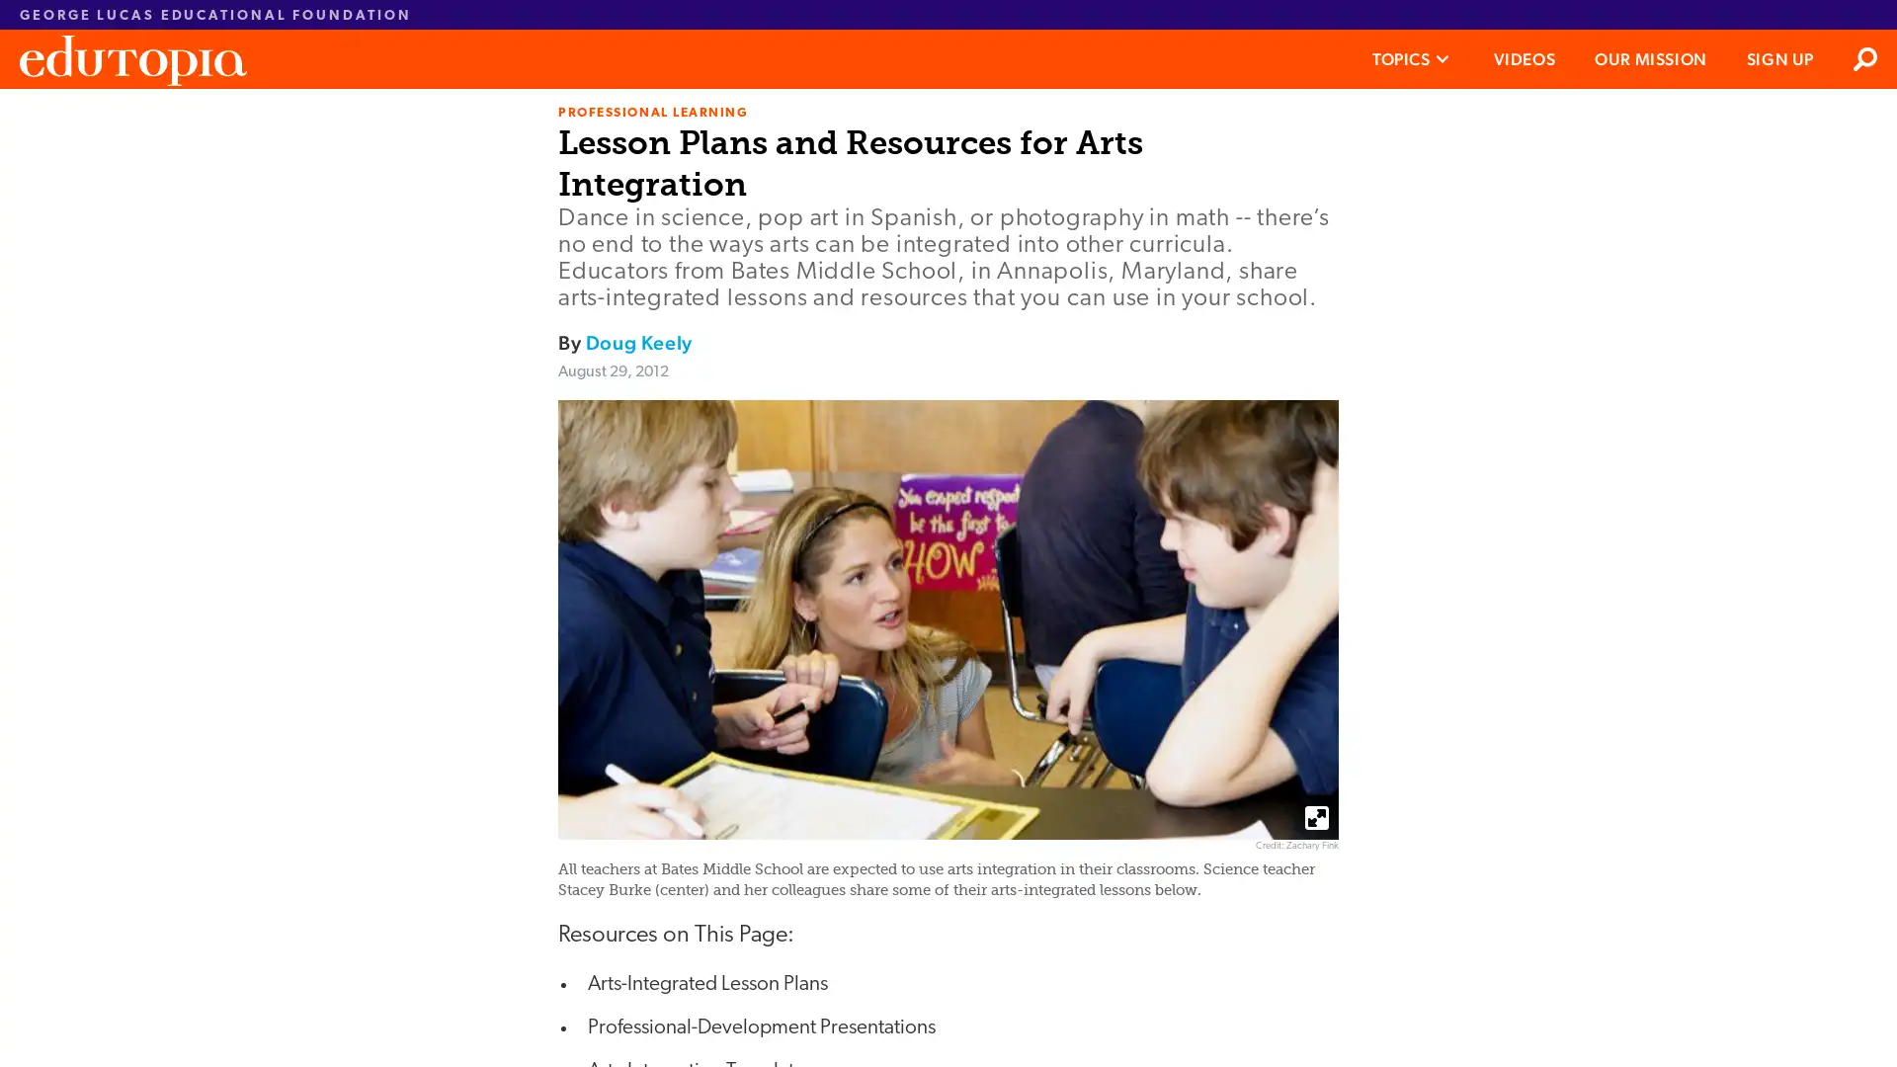 This screenshot has height=1067, width=1897. I want to click on TOPICS, so click(1411, 58).